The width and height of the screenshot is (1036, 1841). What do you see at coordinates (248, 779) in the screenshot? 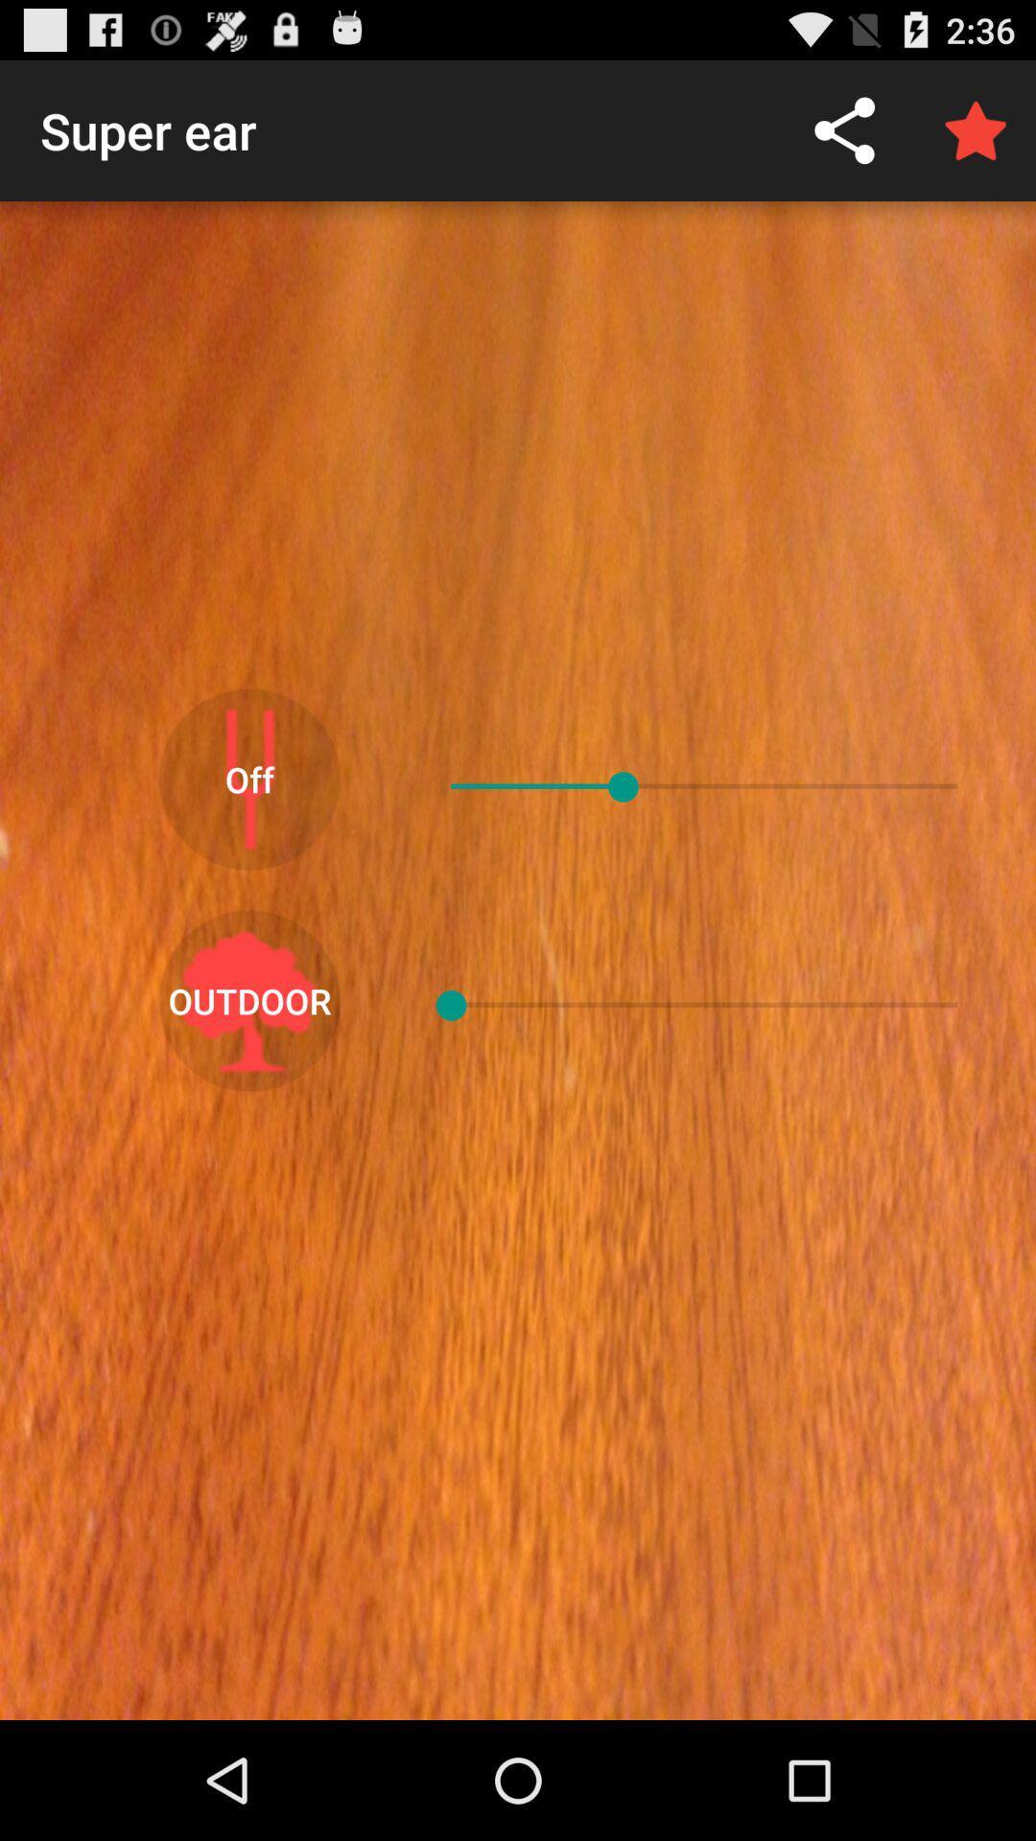
I see `the off item` at bounding box center [248, 779].